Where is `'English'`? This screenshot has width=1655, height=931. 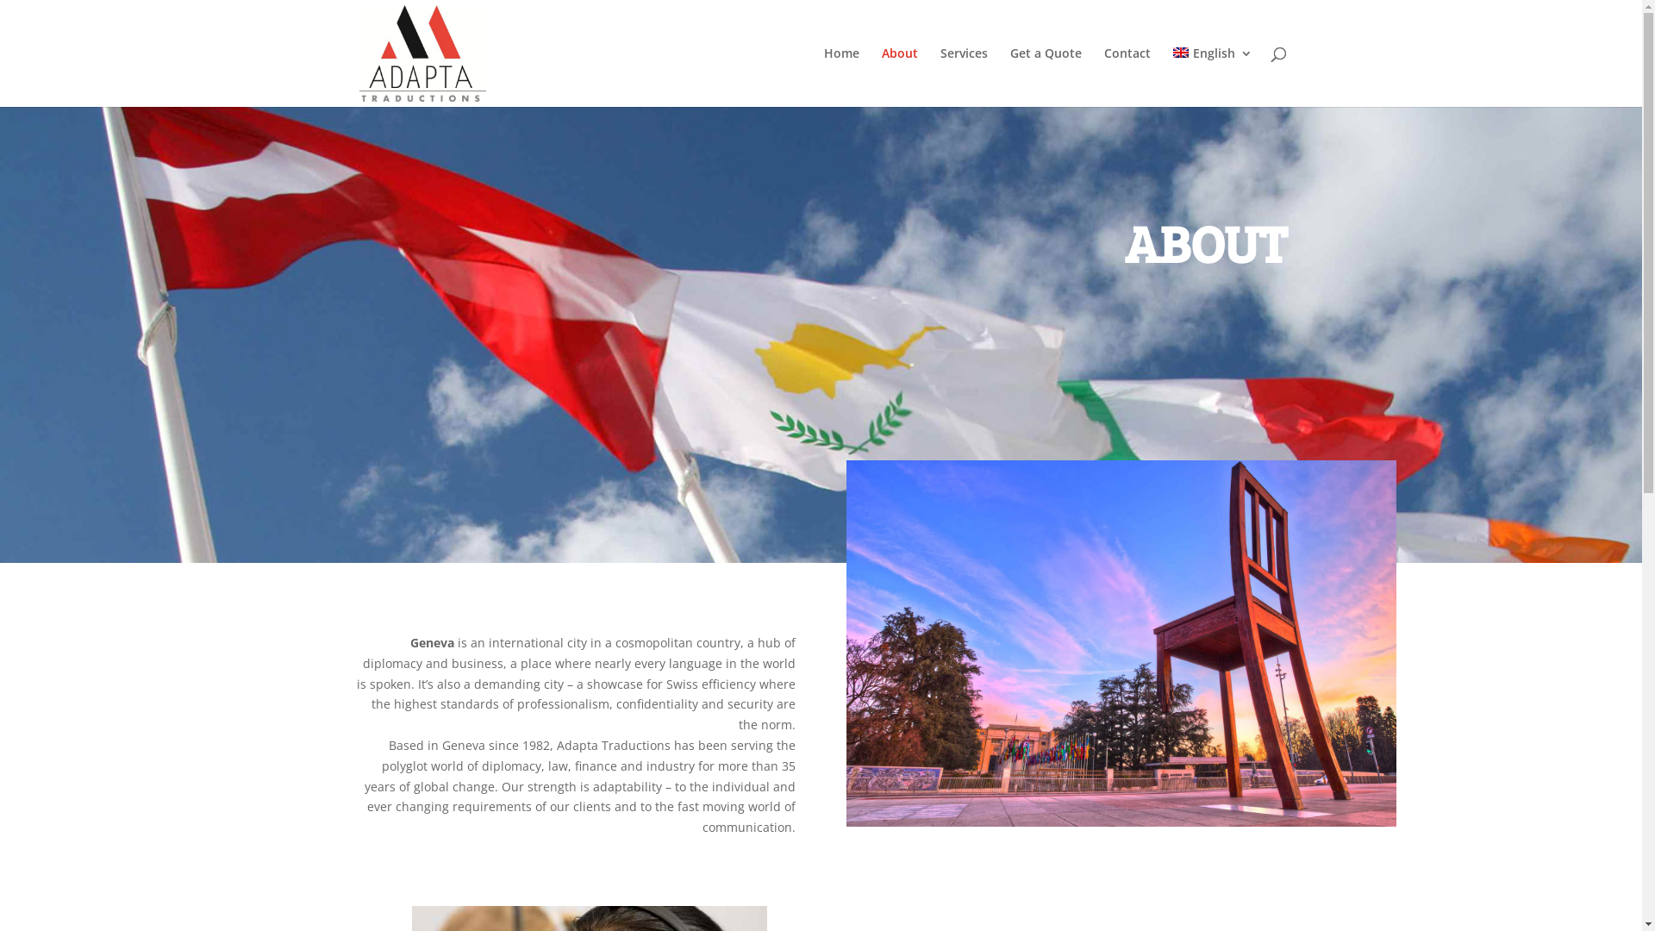 'English' is located at coordinates (1211, 76).